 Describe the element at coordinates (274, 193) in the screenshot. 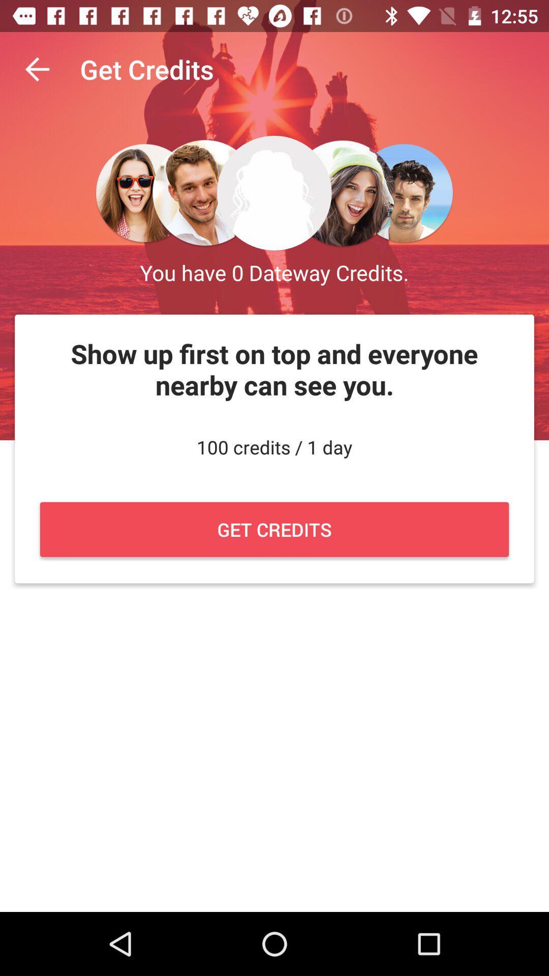

I see `middle image` at that location.